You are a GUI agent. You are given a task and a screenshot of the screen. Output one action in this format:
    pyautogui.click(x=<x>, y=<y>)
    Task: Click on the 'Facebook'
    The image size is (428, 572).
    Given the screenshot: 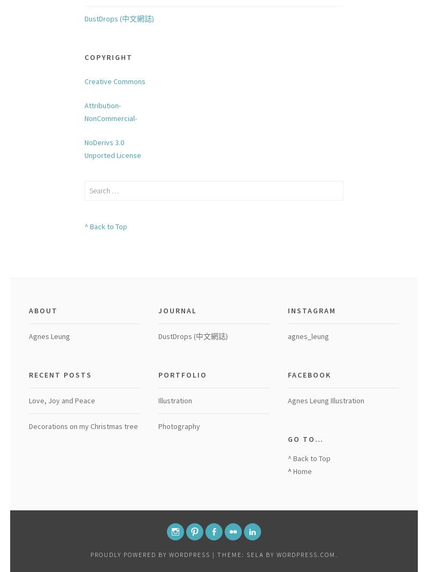 What is the action you would take?
    pyautogui.click(x=288, y=374)
    